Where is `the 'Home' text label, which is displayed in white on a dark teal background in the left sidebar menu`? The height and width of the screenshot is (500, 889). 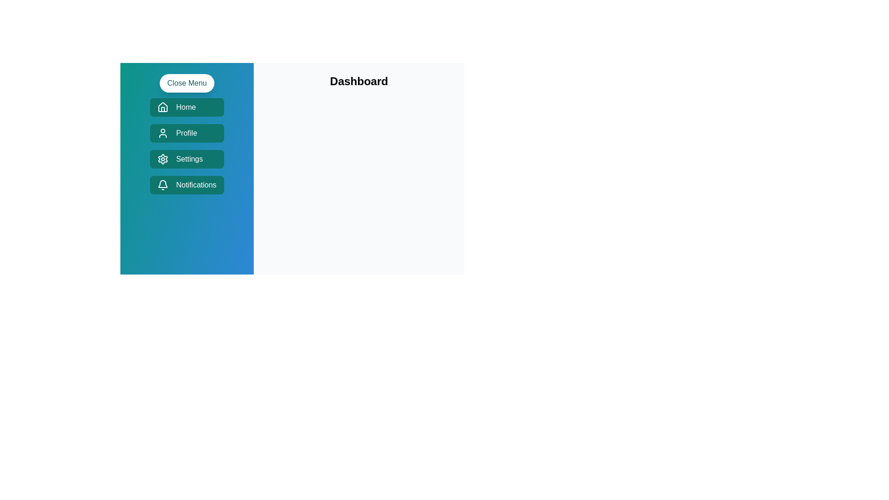
the 'Home' text label, which is displayed in white on a dark teal background in the left sidebar menu is located at coordinates (185, 106).